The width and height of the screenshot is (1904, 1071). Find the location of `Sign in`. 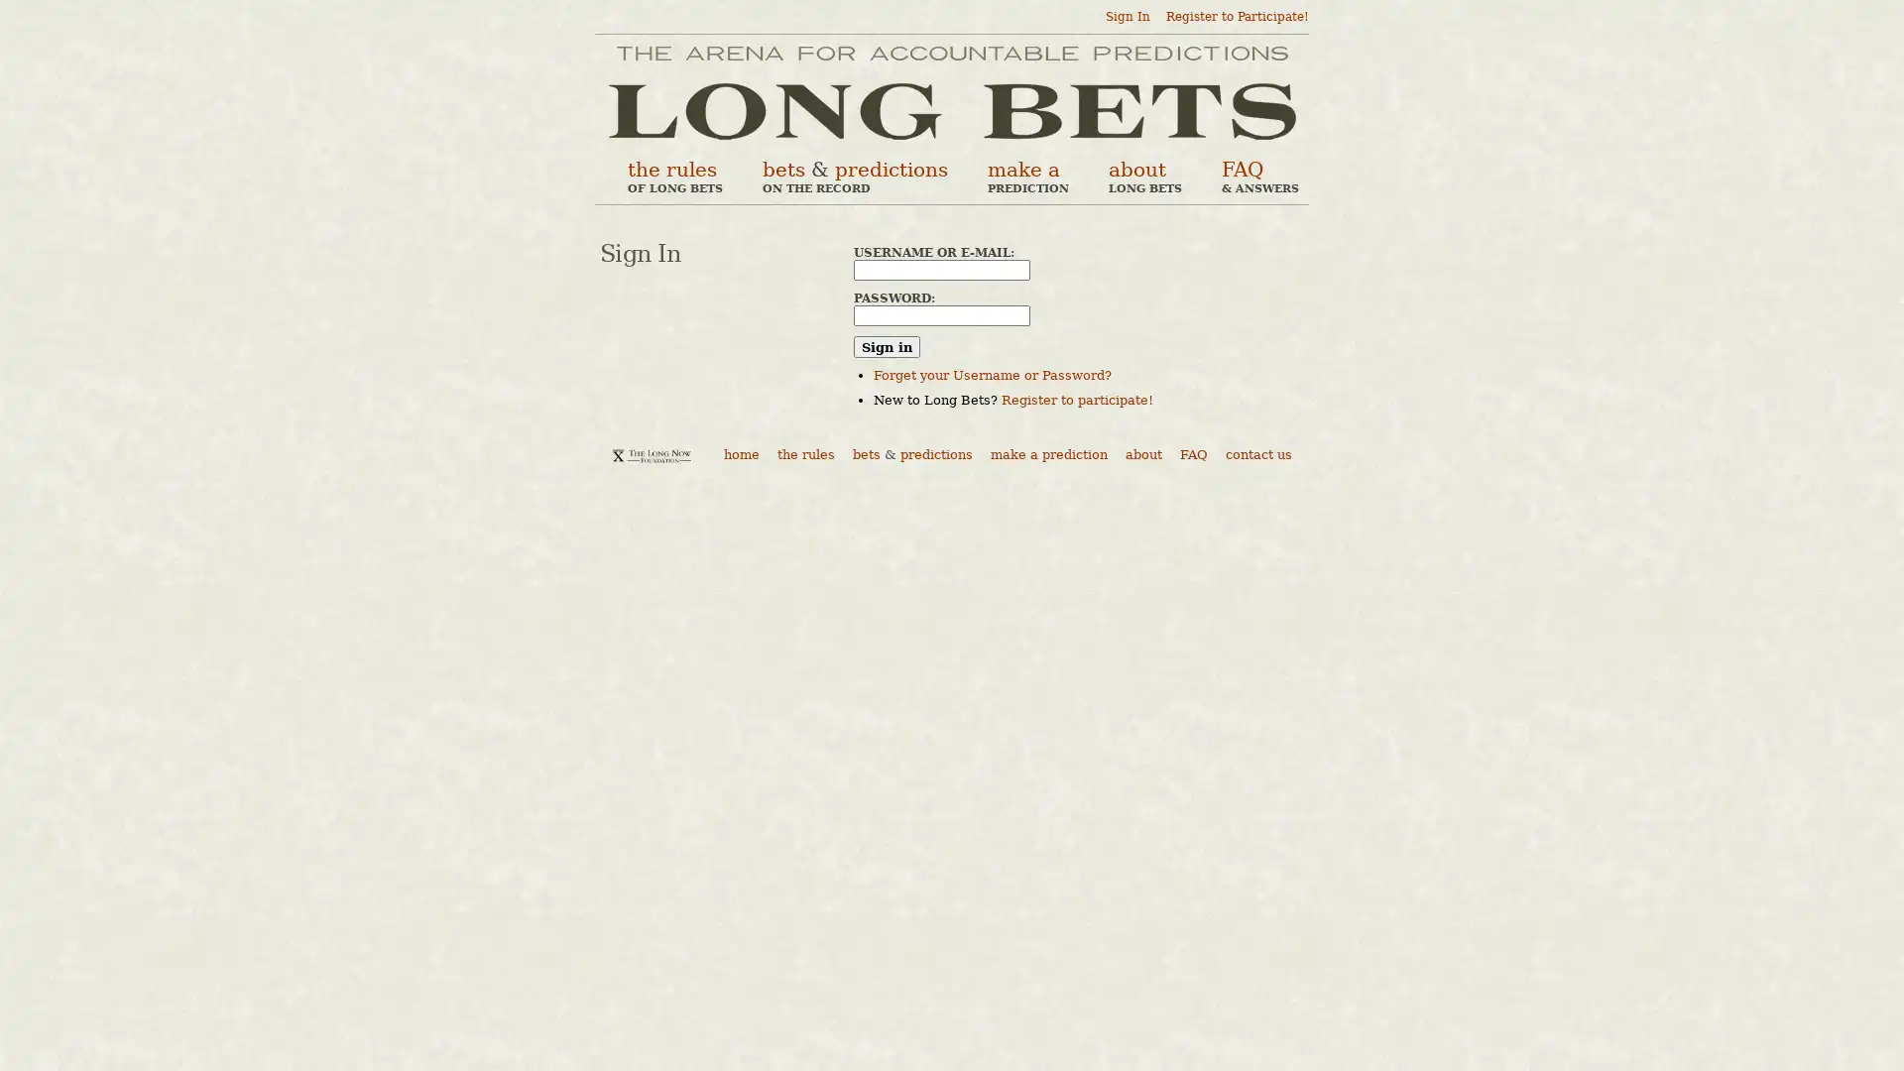

Sign in is located at coordinates (886, 346).